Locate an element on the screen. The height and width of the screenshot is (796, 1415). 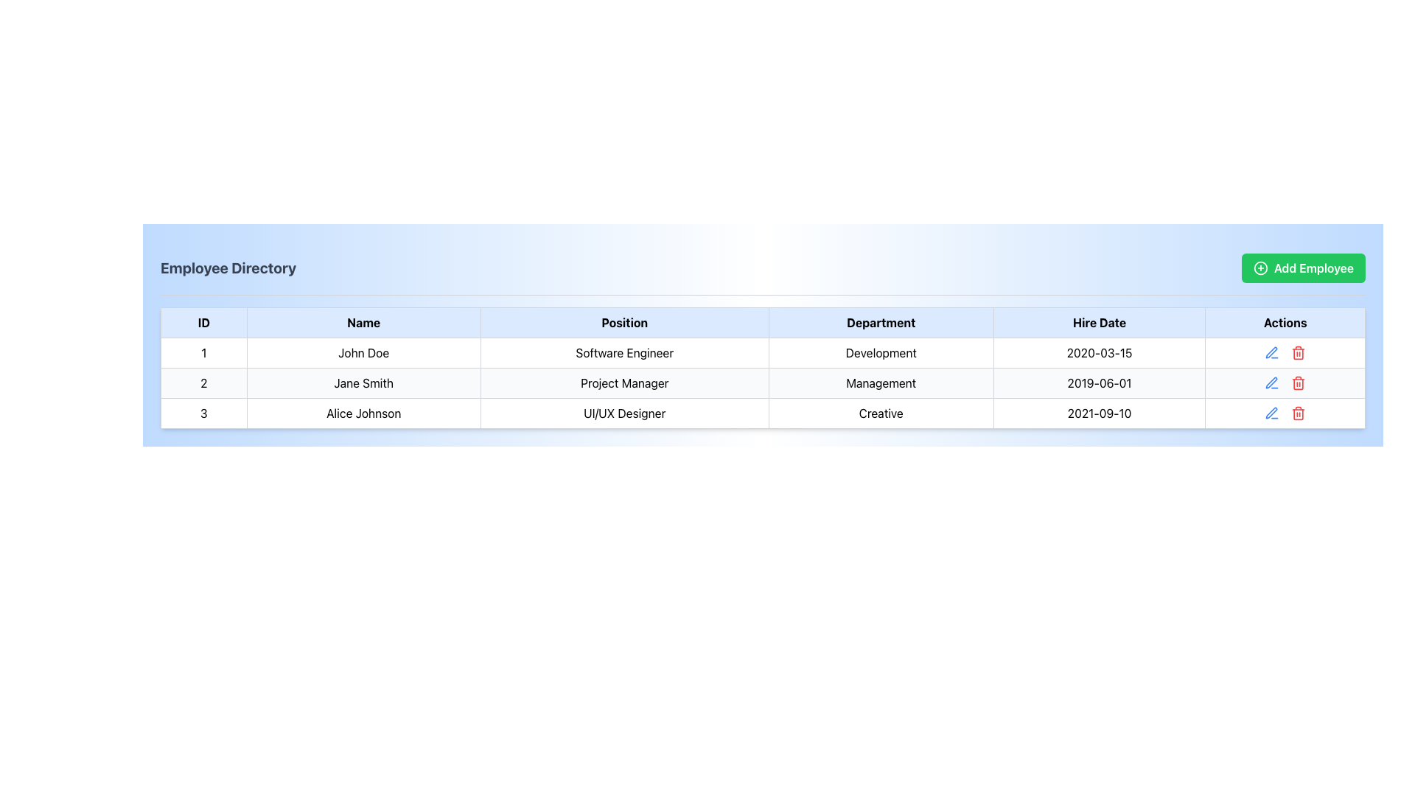
the red trash bin icon in the 'Actions' column of the row for 'Jane Smith' is located at coordinates (1285, 383).